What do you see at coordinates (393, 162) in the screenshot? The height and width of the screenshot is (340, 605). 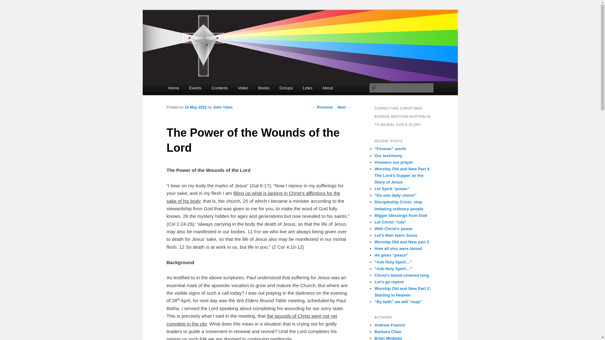 I see `'Answers our prayer'` at bounding box center [393, 162].